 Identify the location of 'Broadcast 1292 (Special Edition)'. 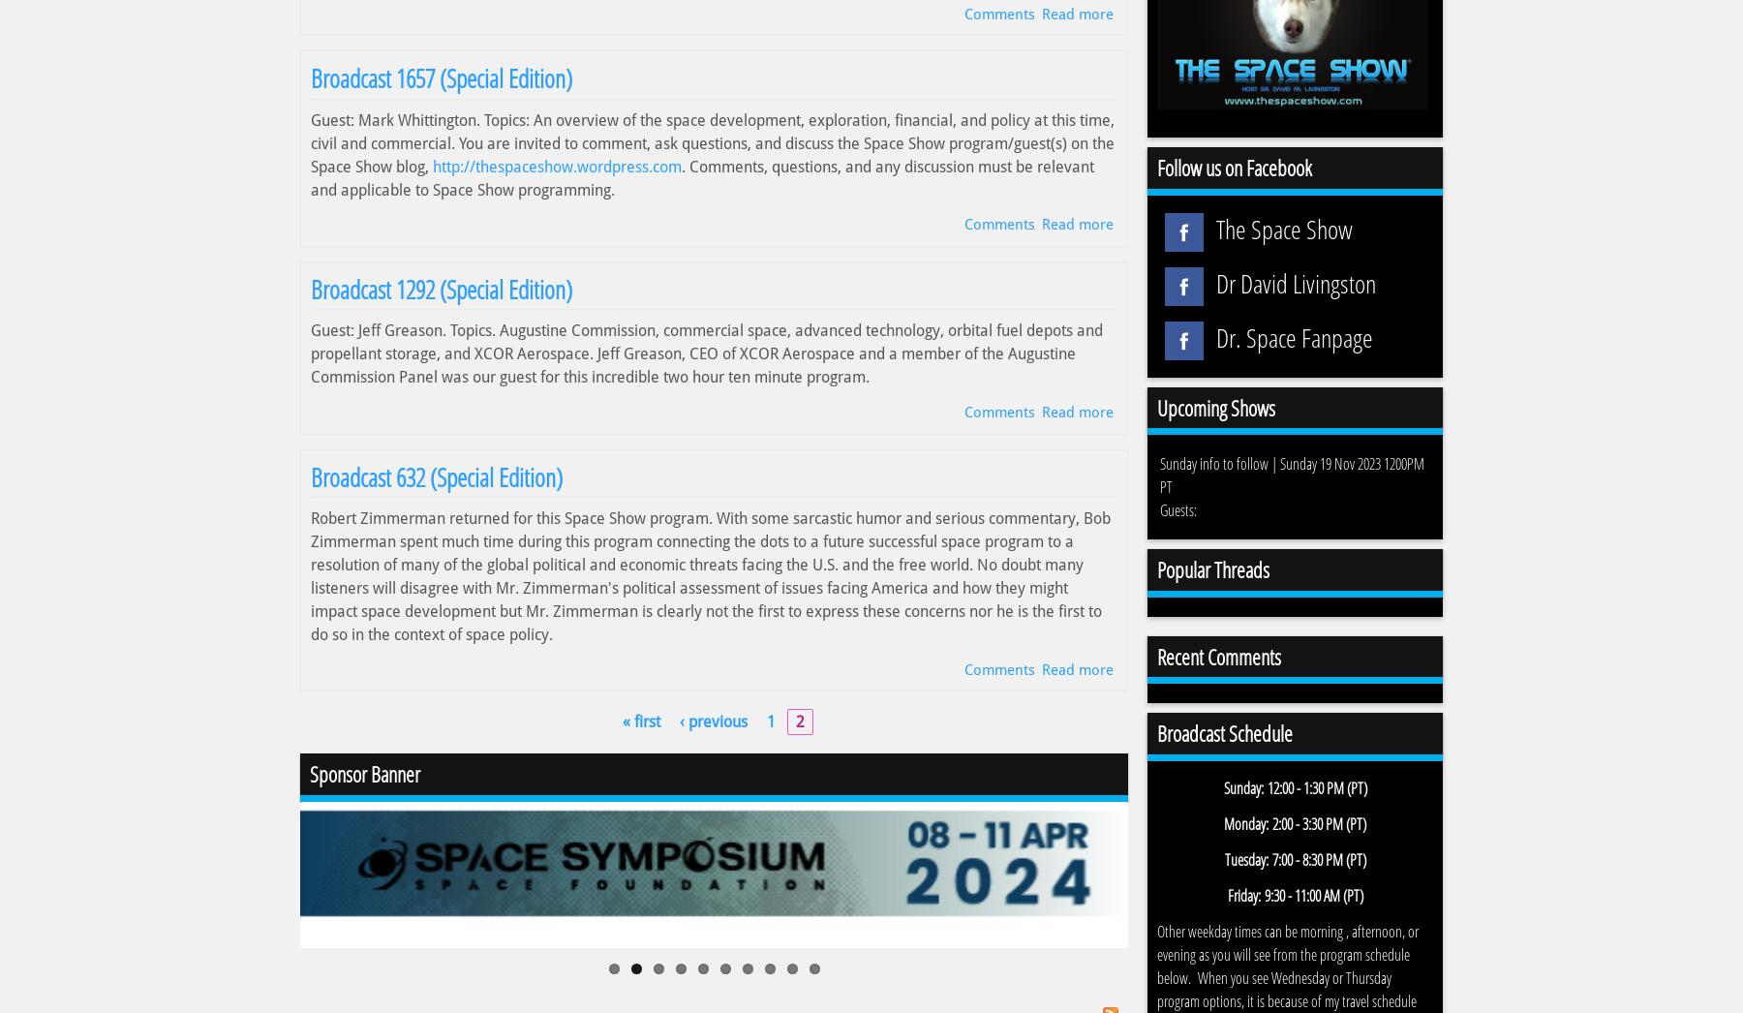
(309, 289).